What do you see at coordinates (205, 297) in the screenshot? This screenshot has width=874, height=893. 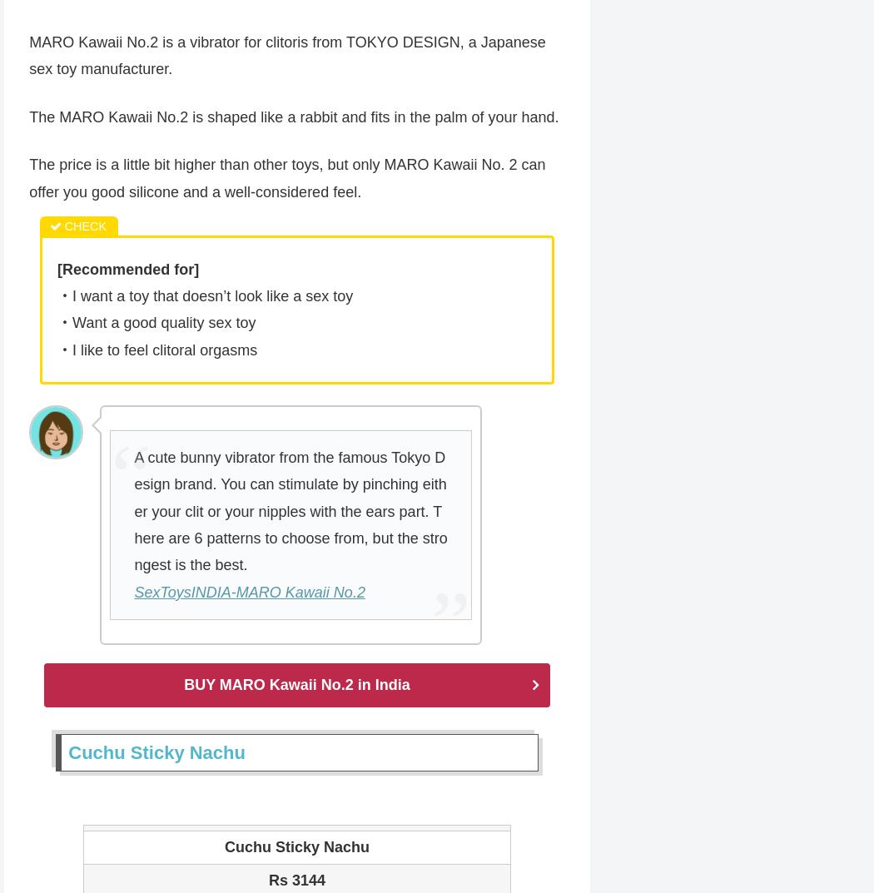 I see `'・I want a toy that doesn’t look like a sex toy'` at bounding box center [205, 297].